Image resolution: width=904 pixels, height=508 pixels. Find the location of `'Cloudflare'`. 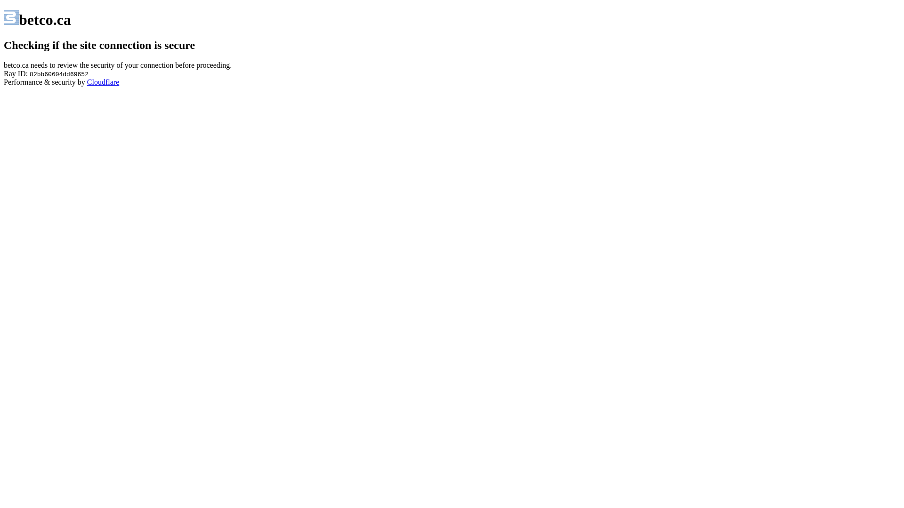

'Cloudflare' is located at coordinates (87, 81).